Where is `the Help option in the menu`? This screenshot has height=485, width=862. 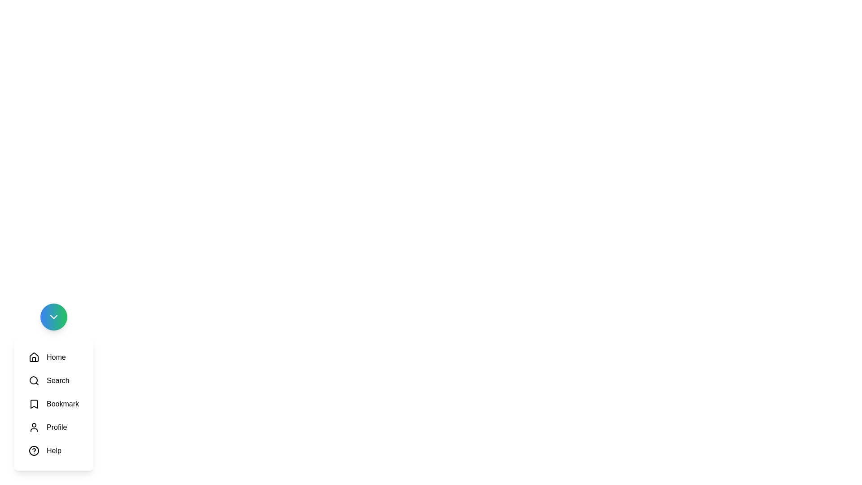
the Help option in the menu is located at coordinates (44, 450).